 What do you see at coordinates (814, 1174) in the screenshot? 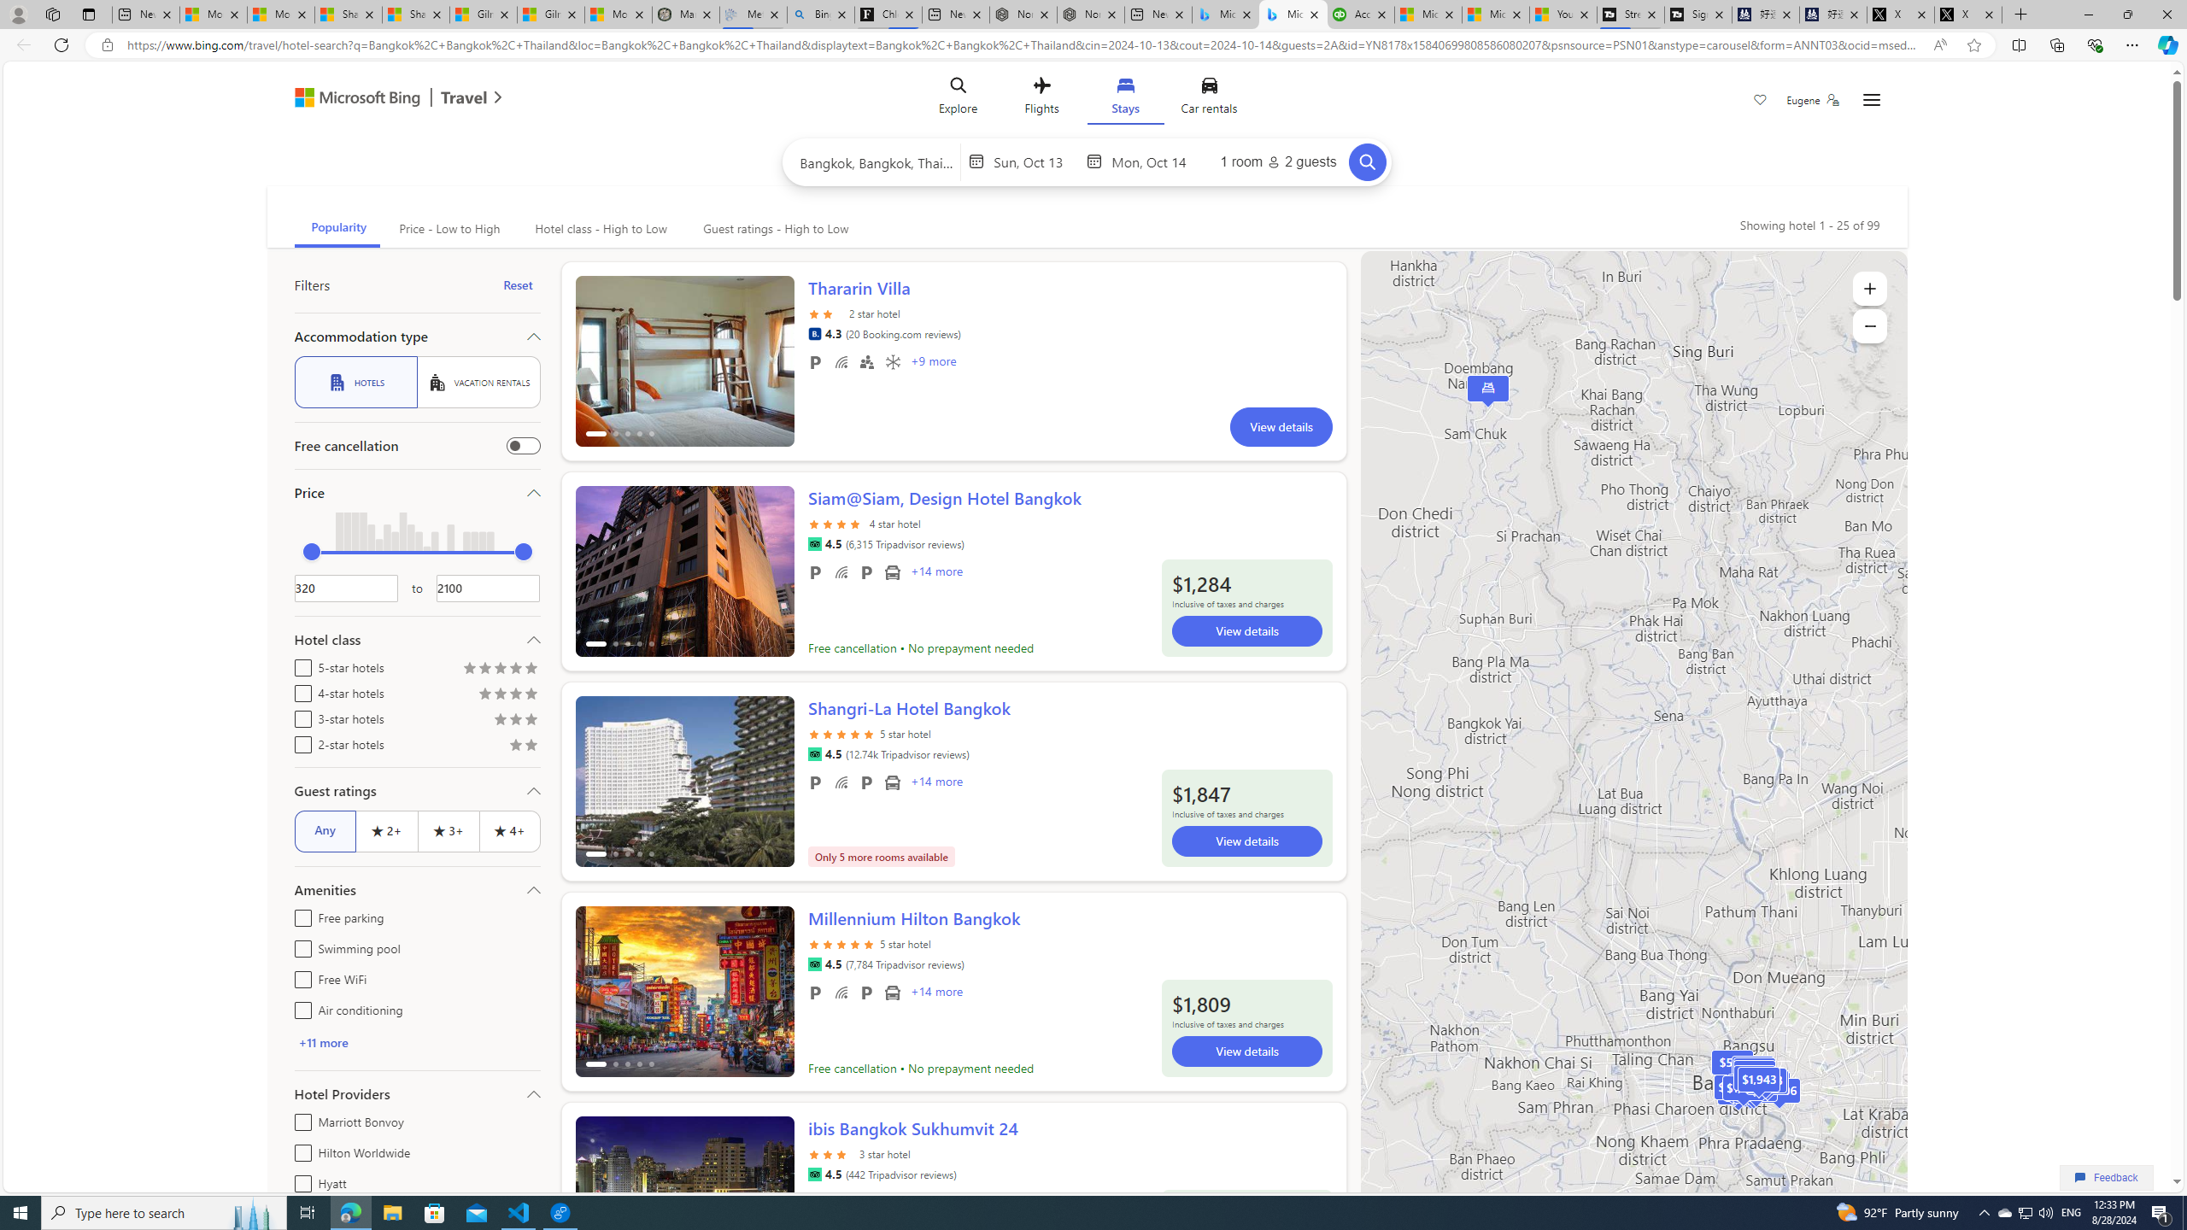
I see `'Tripadvisor'` at bounding box center [814, 1174].